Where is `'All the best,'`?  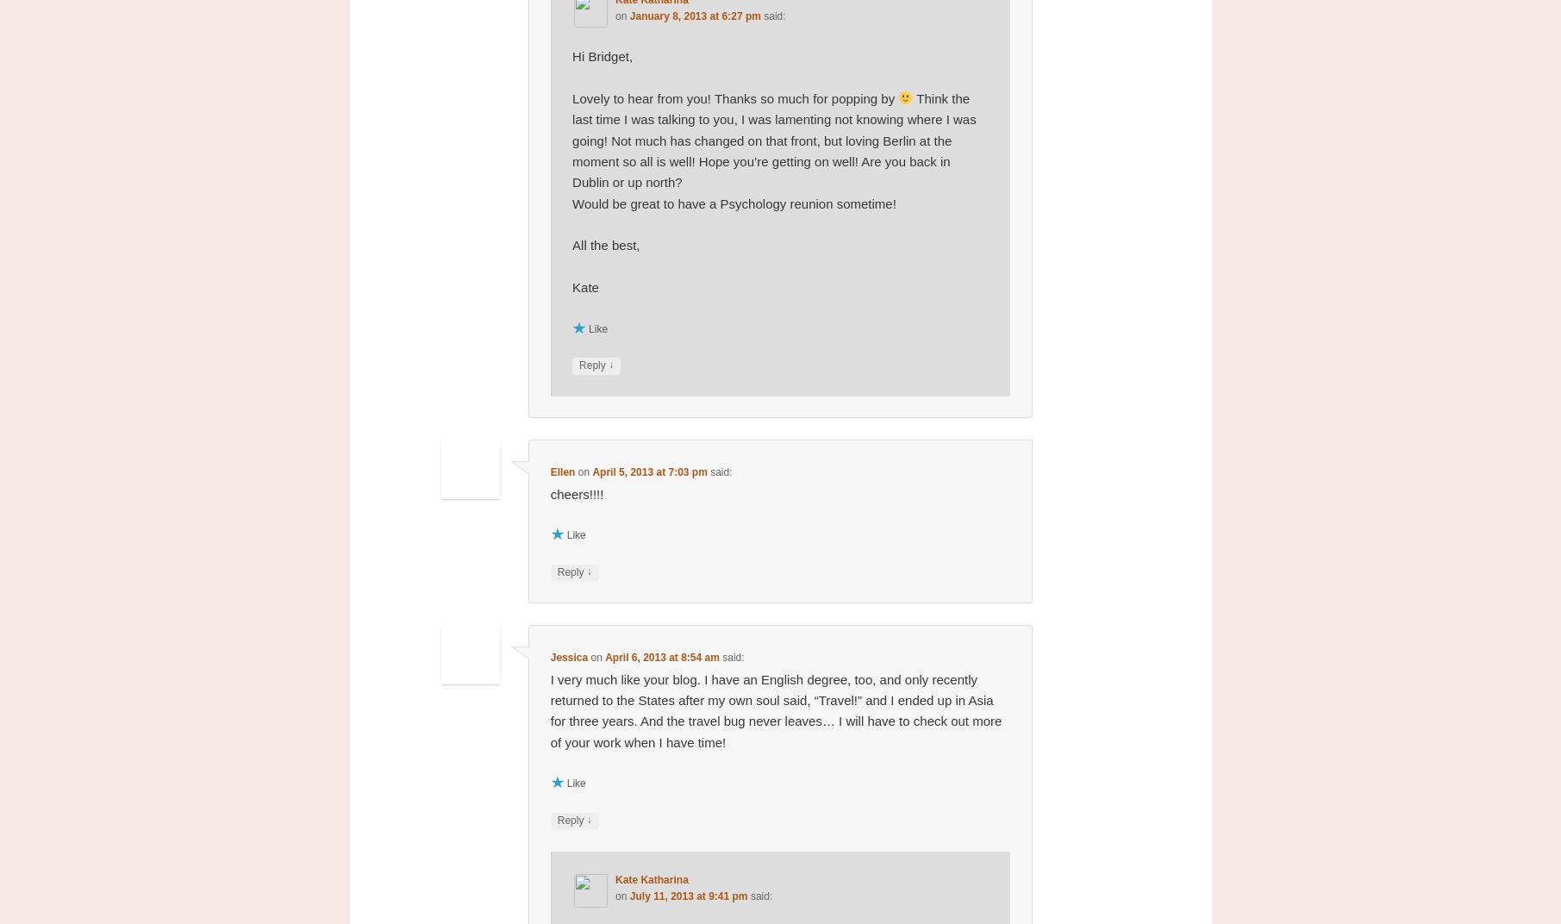 'All the best,' is located at coordinates (571, 244).